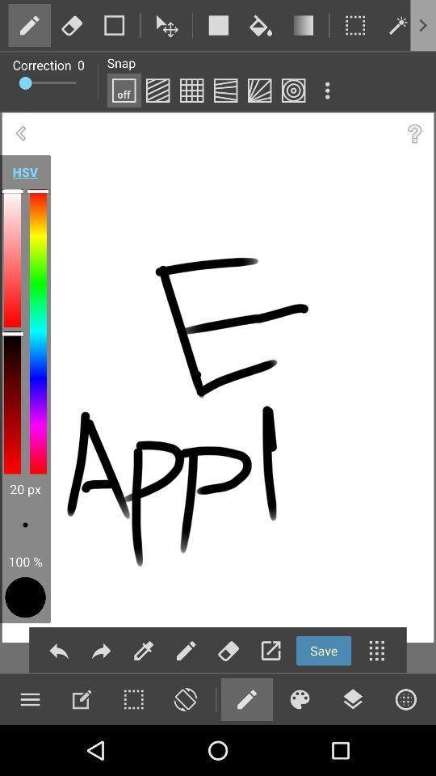 This screenshot has height=776, width=436. I want to click on open help, so click(414, 133).